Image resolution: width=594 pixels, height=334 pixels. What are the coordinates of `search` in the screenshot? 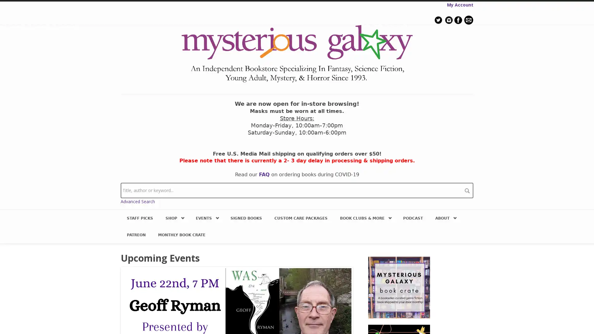 It's located at (467, 190).